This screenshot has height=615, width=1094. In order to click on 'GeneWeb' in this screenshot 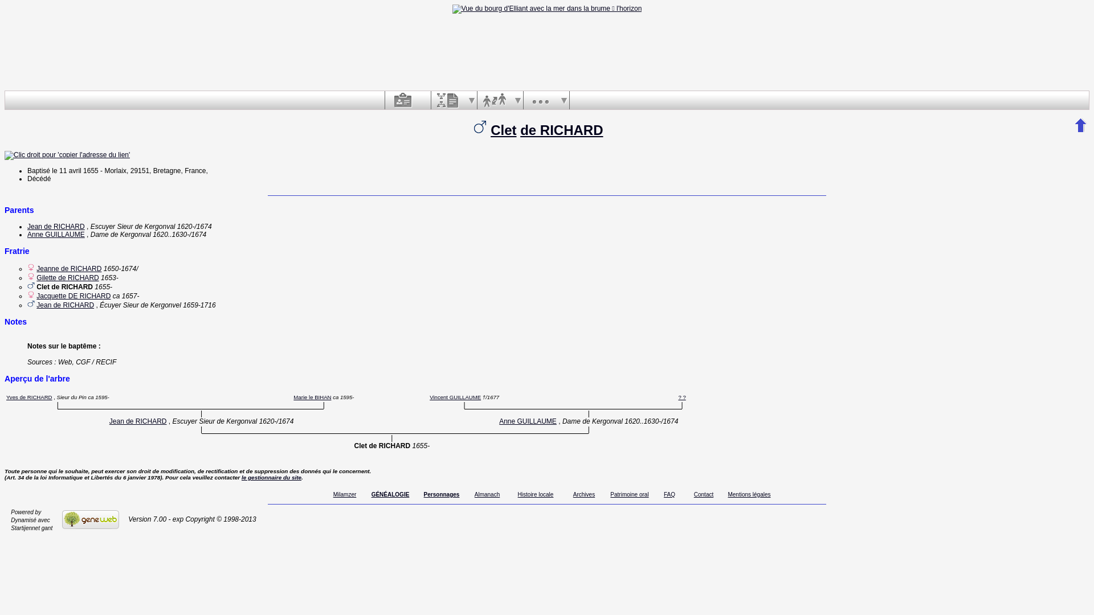, I will do `click(89, 519)`.